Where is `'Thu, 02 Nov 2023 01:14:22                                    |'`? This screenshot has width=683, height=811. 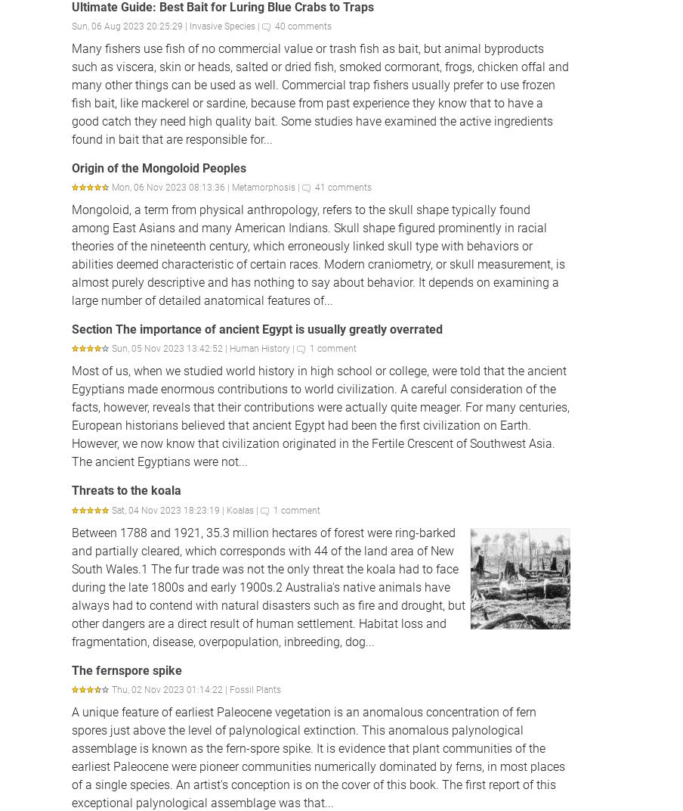
'Thu, 02 Nov 2023 01:14:22                                    |' is located at coordinates (171, 688).